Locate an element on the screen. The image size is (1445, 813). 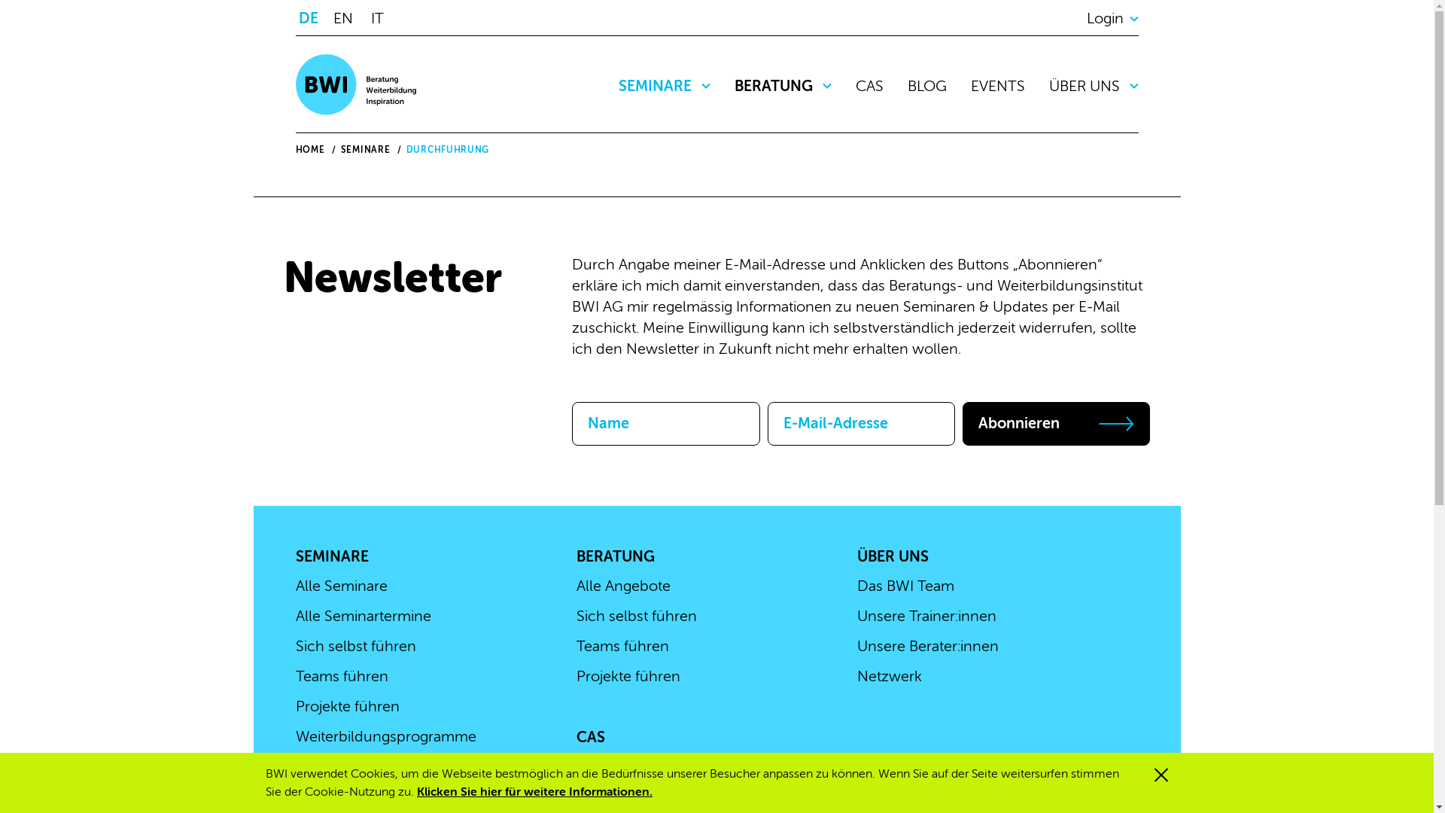
'Weiterbildungsprogramme' is located at coordinates (295, 735).